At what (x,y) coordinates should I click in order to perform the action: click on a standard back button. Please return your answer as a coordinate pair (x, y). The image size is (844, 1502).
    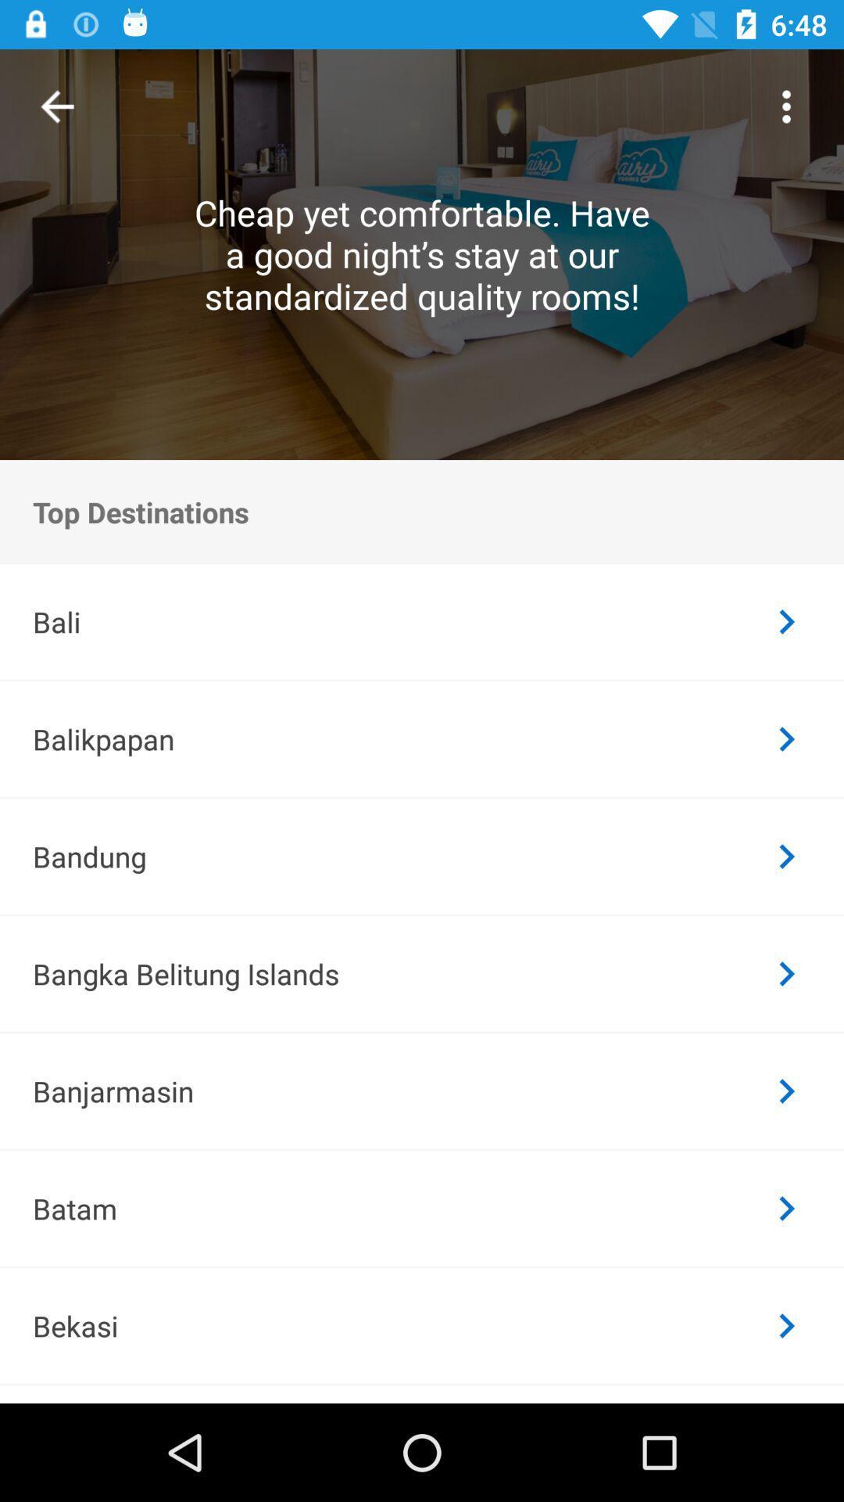
    Looking at the image, I should click on (56, 106).